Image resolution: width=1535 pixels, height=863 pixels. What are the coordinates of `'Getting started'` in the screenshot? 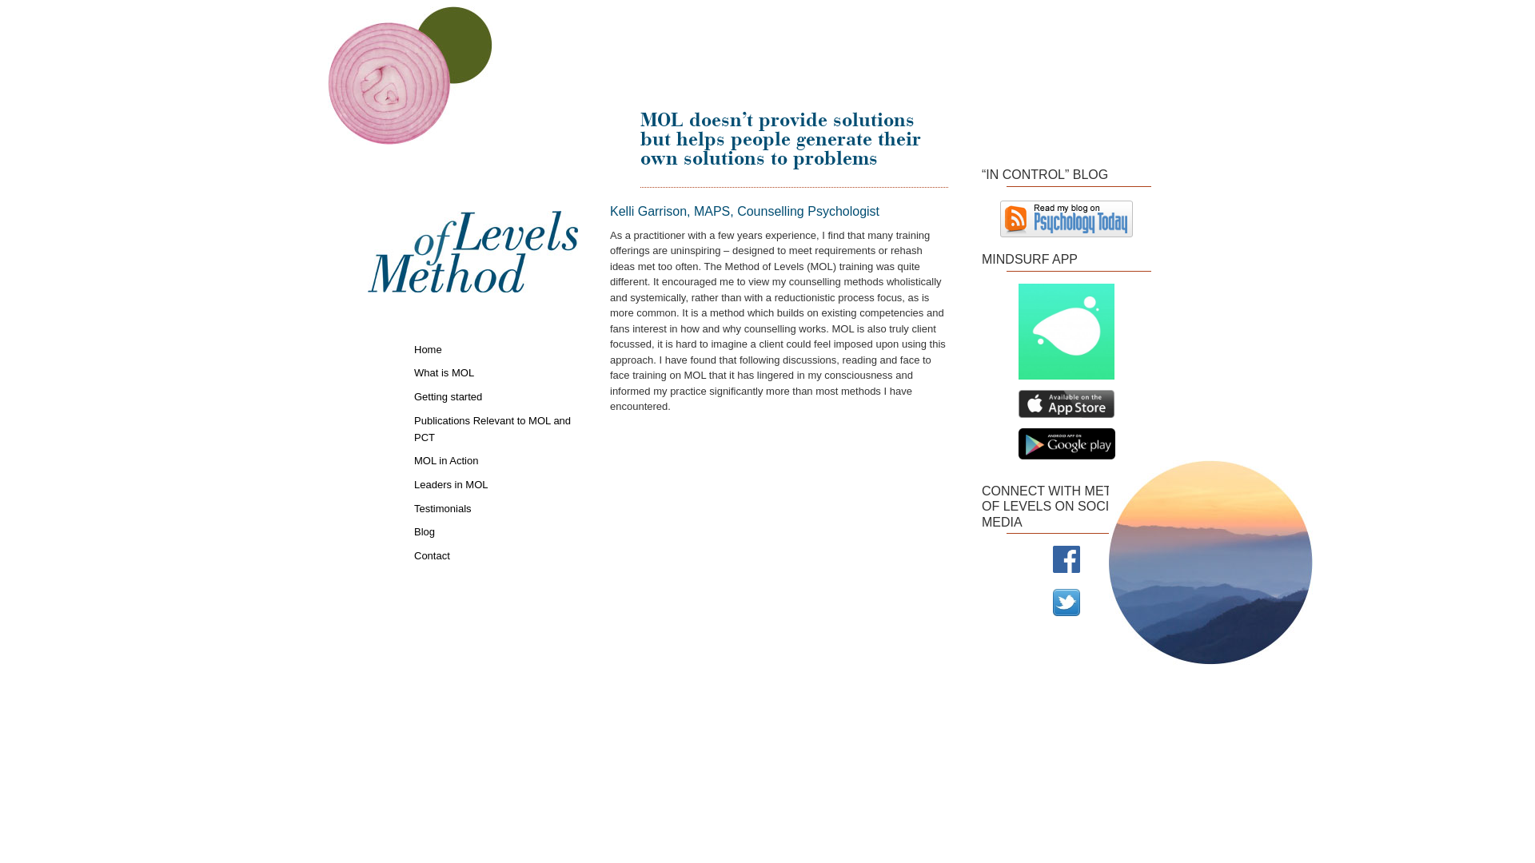 It's located at (495, 396).